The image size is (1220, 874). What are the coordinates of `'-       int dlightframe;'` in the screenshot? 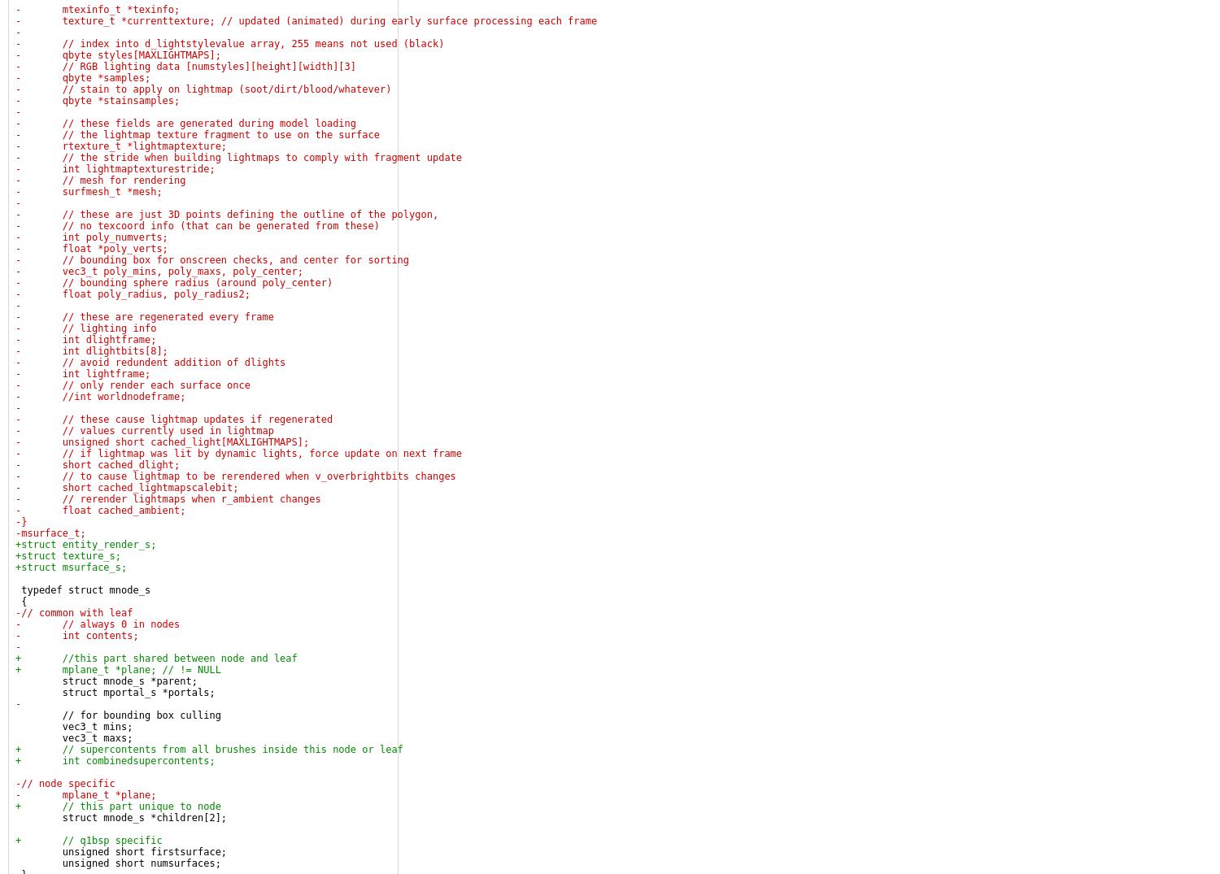 It's located at (85, 338).